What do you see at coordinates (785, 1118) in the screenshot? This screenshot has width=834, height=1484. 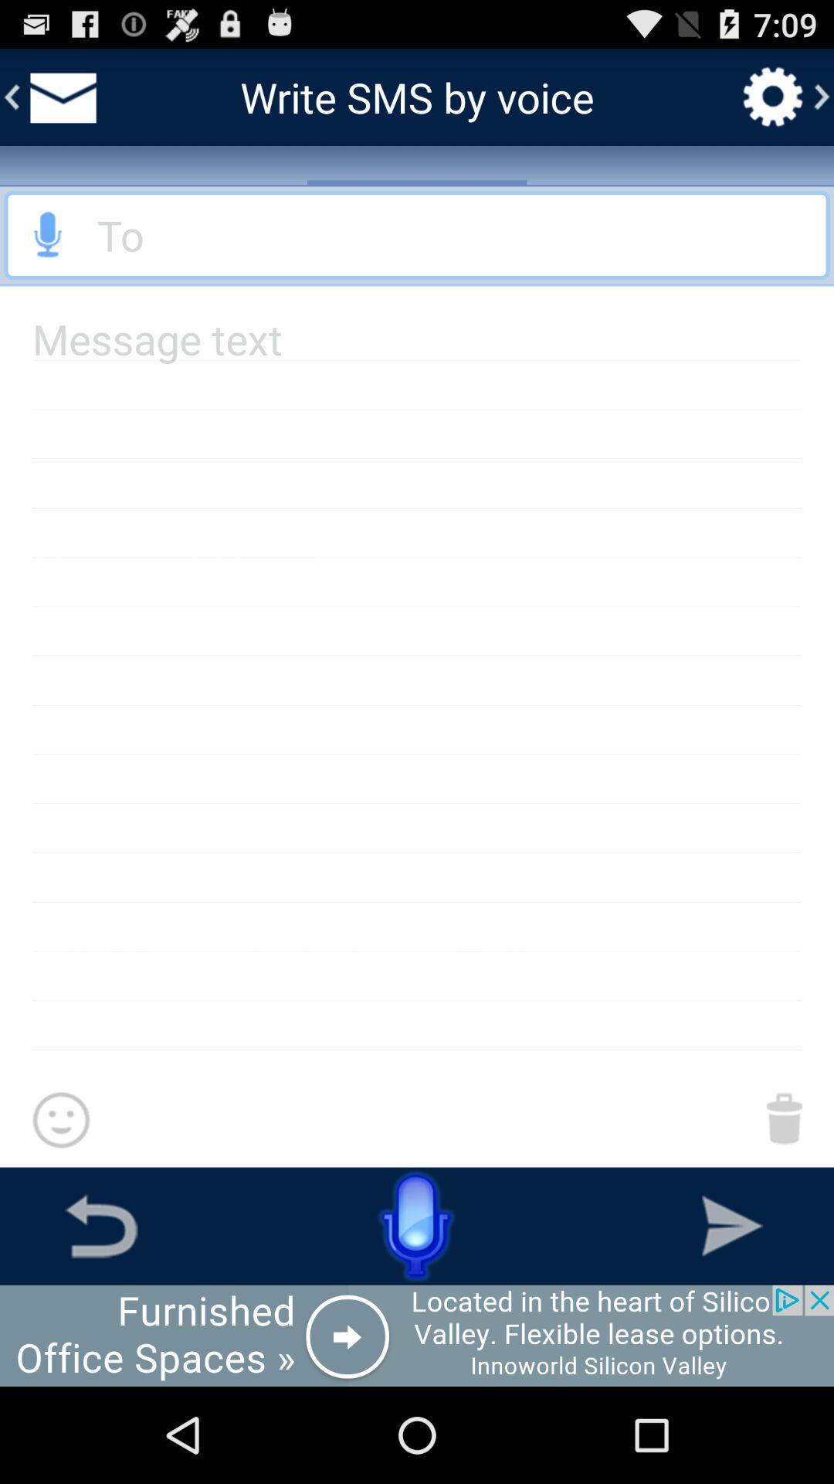 I see `to delete` at bounding box center [785, 1118].